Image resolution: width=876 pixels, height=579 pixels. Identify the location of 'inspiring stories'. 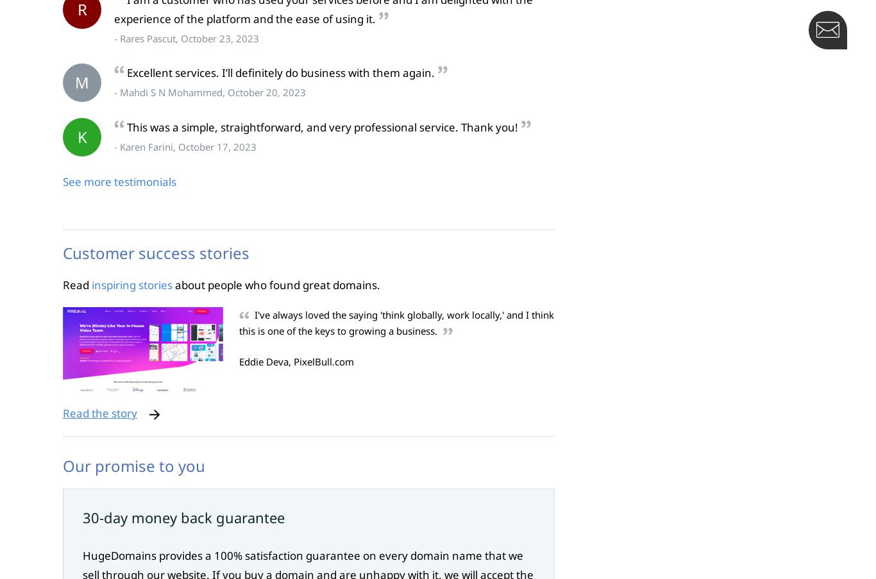
(131, 283).